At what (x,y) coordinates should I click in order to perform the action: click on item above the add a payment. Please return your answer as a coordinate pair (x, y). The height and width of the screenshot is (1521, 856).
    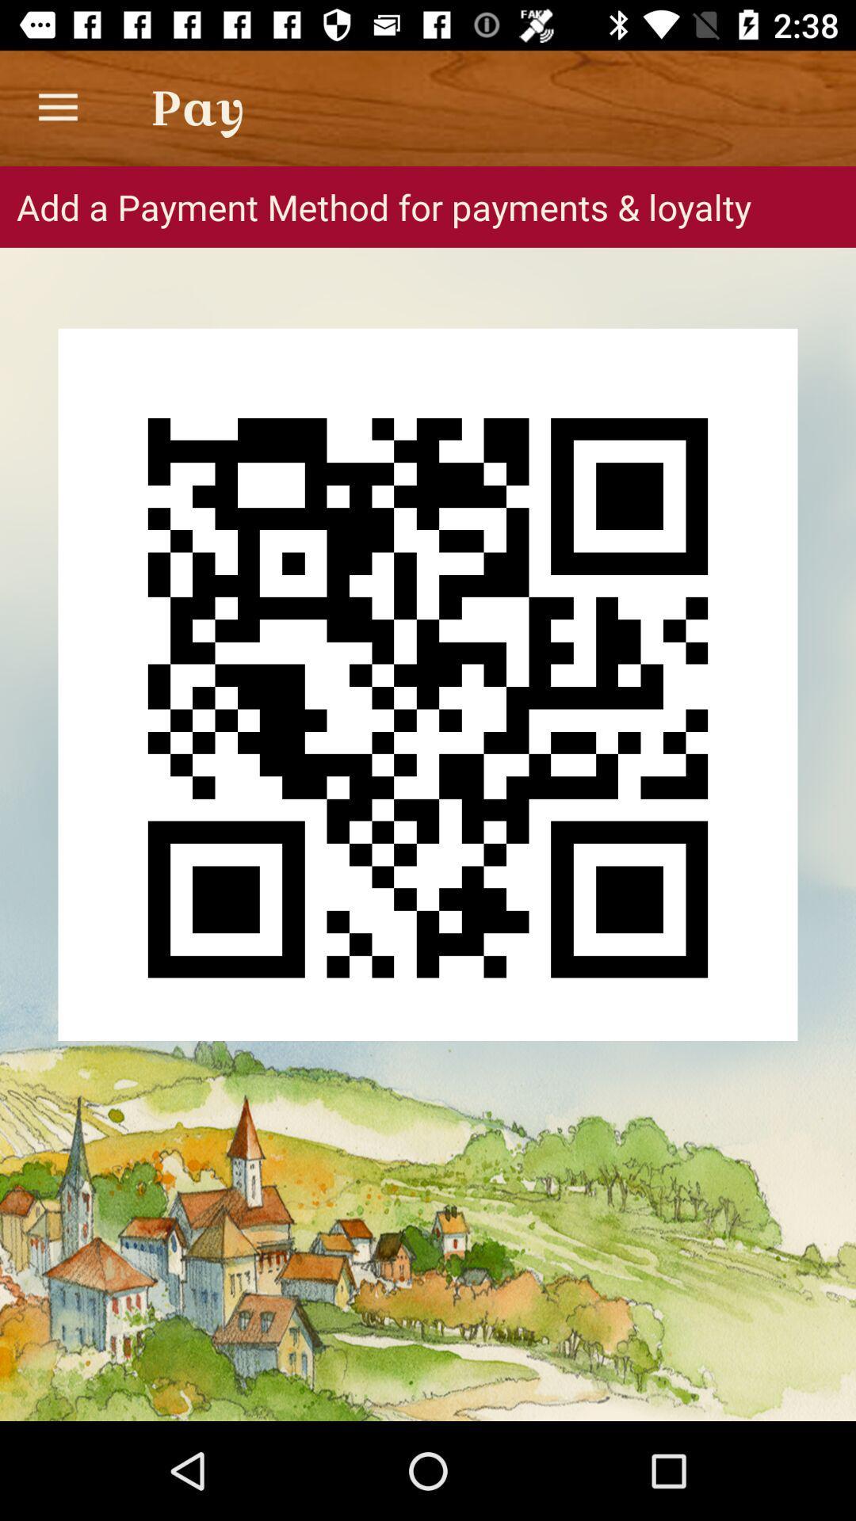
    Looking at the image, I should click on (57, 107).